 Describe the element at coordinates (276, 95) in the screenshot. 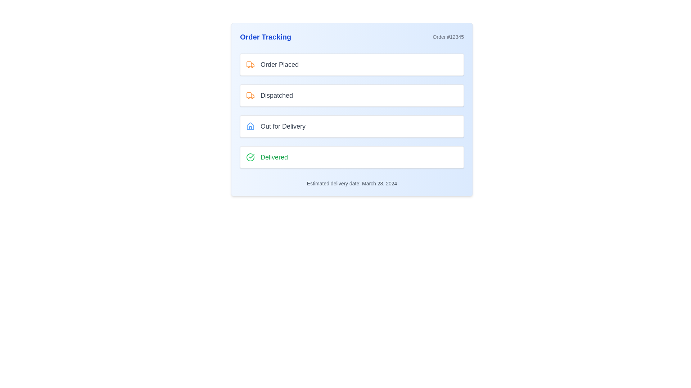

I see `the 'Dispatched' text label, which is styled with a bold gray font and aligned next to an orange truck icon in the second rectangular box of a vertically aligned list` at that location.